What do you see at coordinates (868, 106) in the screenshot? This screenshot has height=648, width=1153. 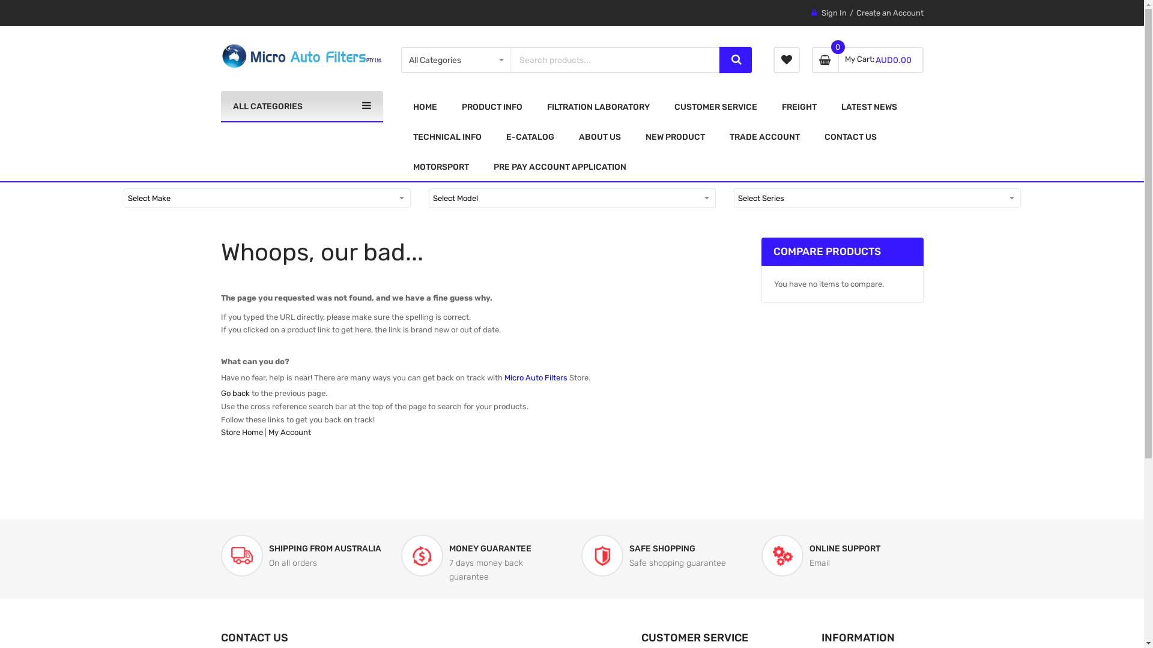 I see `'LATEST NEWS'` at bounding box center [868, 106].